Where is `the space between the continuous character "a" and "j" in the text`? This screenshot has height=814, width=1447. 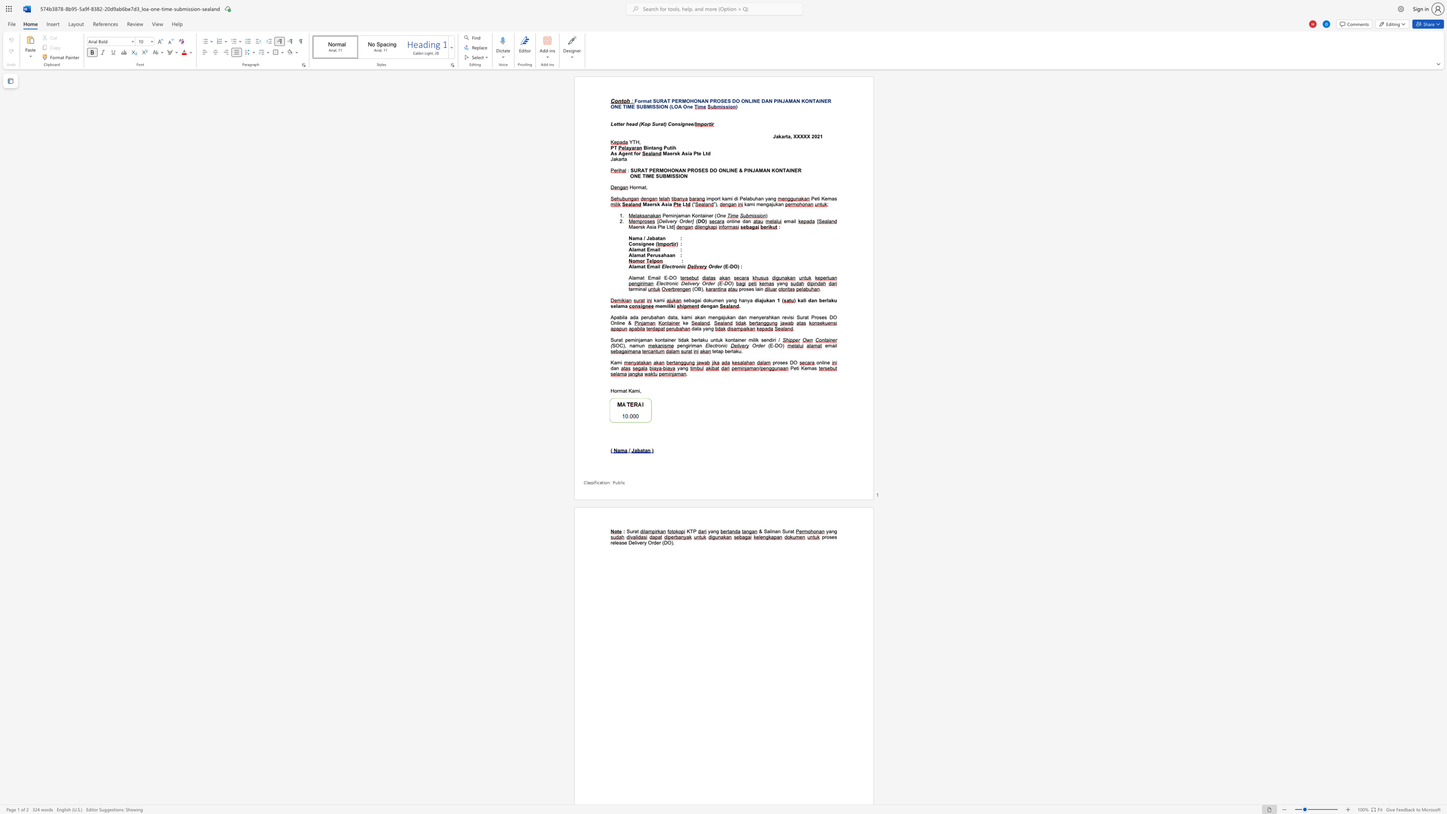
the space between the continuous character "a" and "j" in the text is located at coordinates (771, 203).